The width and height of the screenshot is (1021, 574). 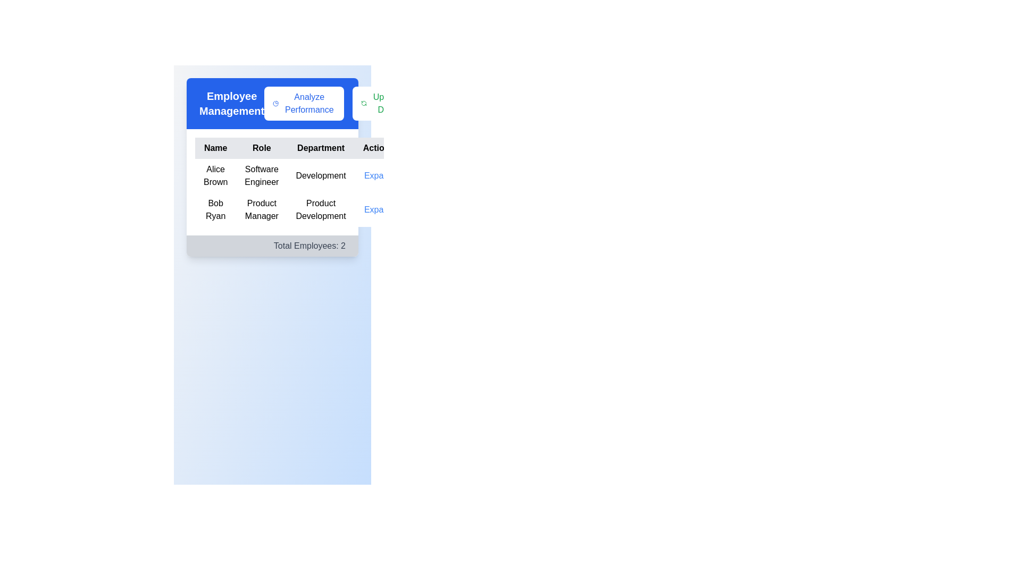 What do you see at coordinates (215, 148) in the screenshot?
I see `the static text label displaying 'Name' in bold, black font, which is the first label in the header row of the employee details table` at bounding box center [215, 148].